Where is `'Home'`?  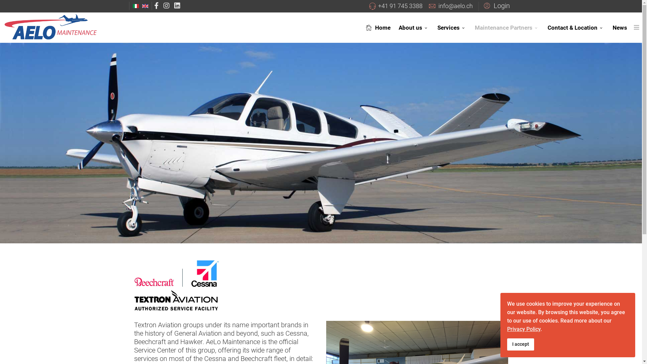 'Home' is located at coordinates (376, 27).